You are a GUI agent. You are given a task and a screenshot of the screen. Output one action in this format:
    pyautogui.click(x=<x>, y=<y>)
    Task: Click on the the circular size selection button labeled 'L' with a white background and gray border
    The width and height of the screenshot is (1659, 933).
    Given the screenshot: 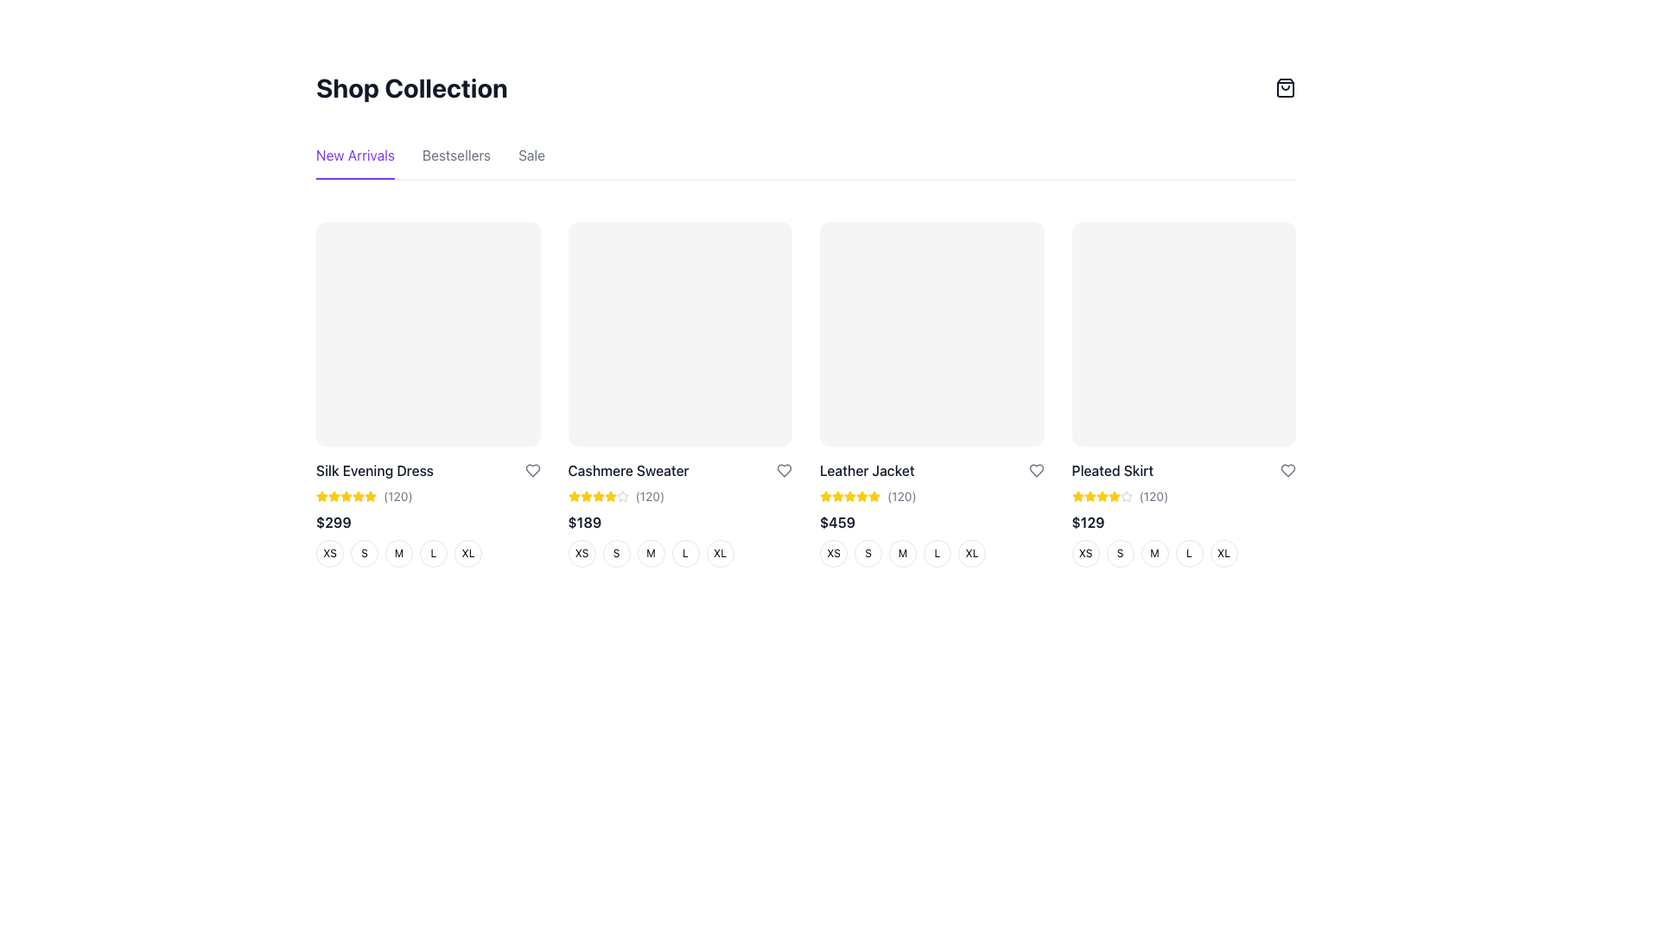 What is the action you would take?
    pyautogui.click(x=434, y=553)
    